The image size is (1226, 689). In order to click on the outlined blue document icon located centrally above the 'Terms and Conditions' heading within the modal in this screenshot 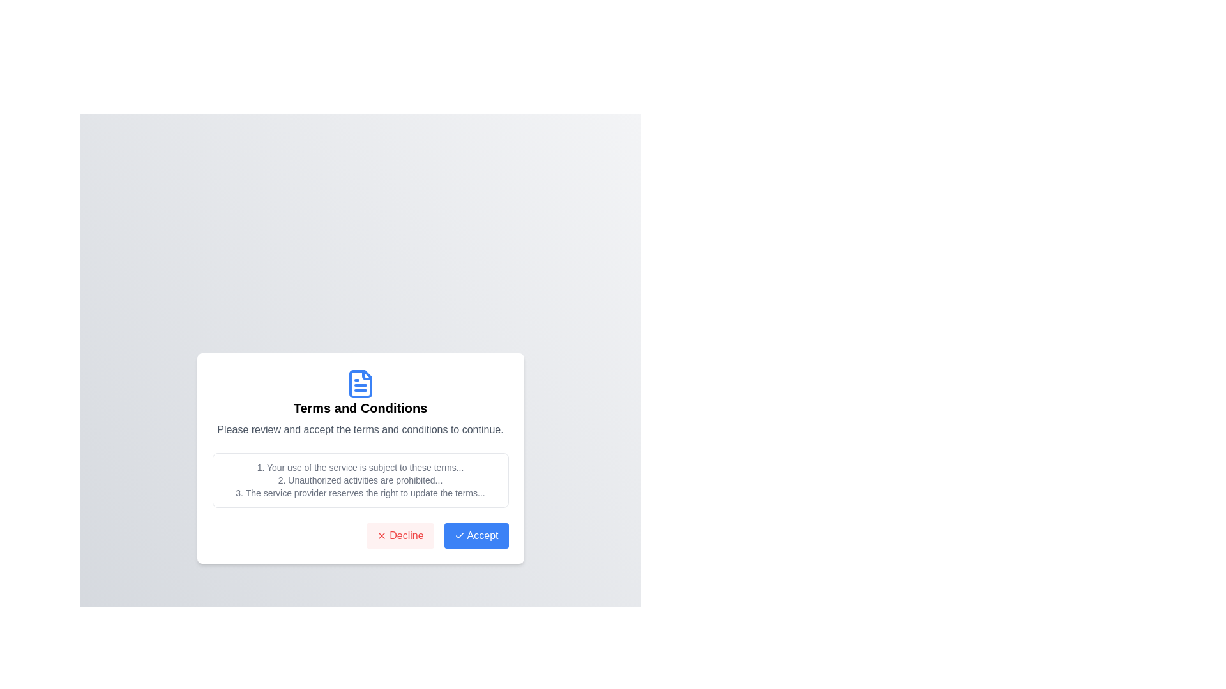, I will do `click(359, 383)`.